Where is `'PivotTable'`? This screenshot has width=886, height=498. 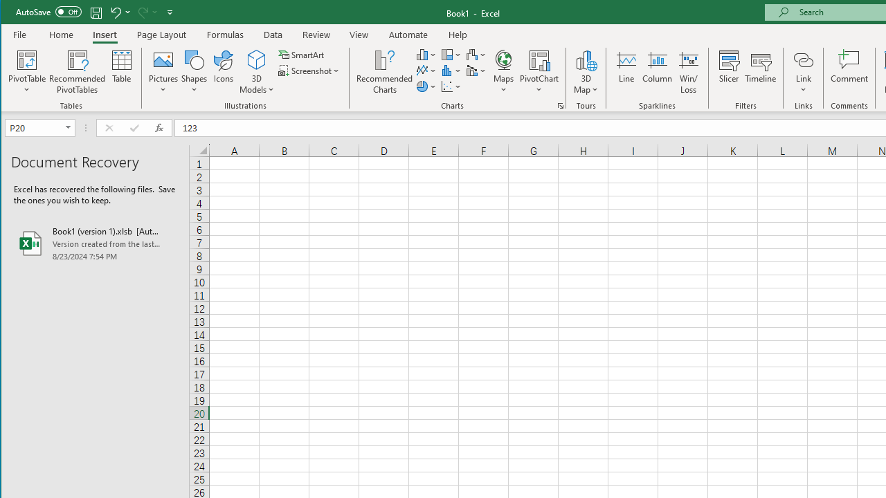 'PivotTable' is located at coordinates (27, 72).